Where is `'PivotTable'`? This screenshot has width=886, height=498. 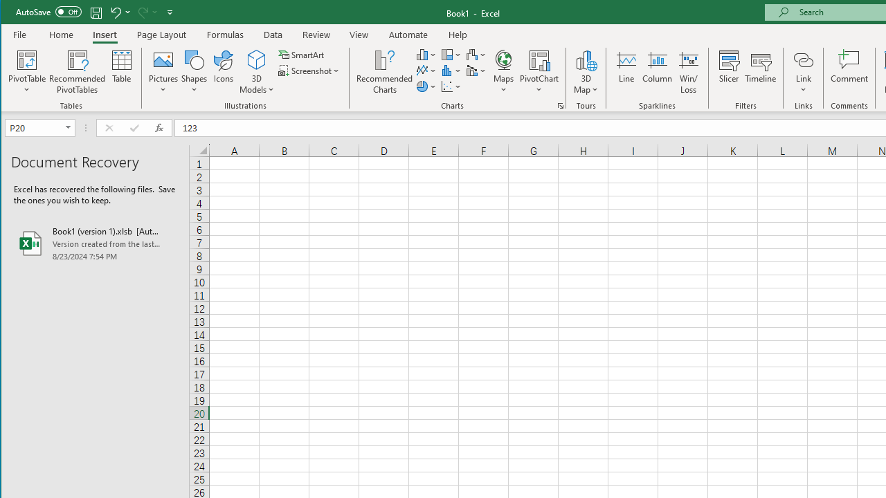 'PivotTable' is located at coordinates (27, 72).